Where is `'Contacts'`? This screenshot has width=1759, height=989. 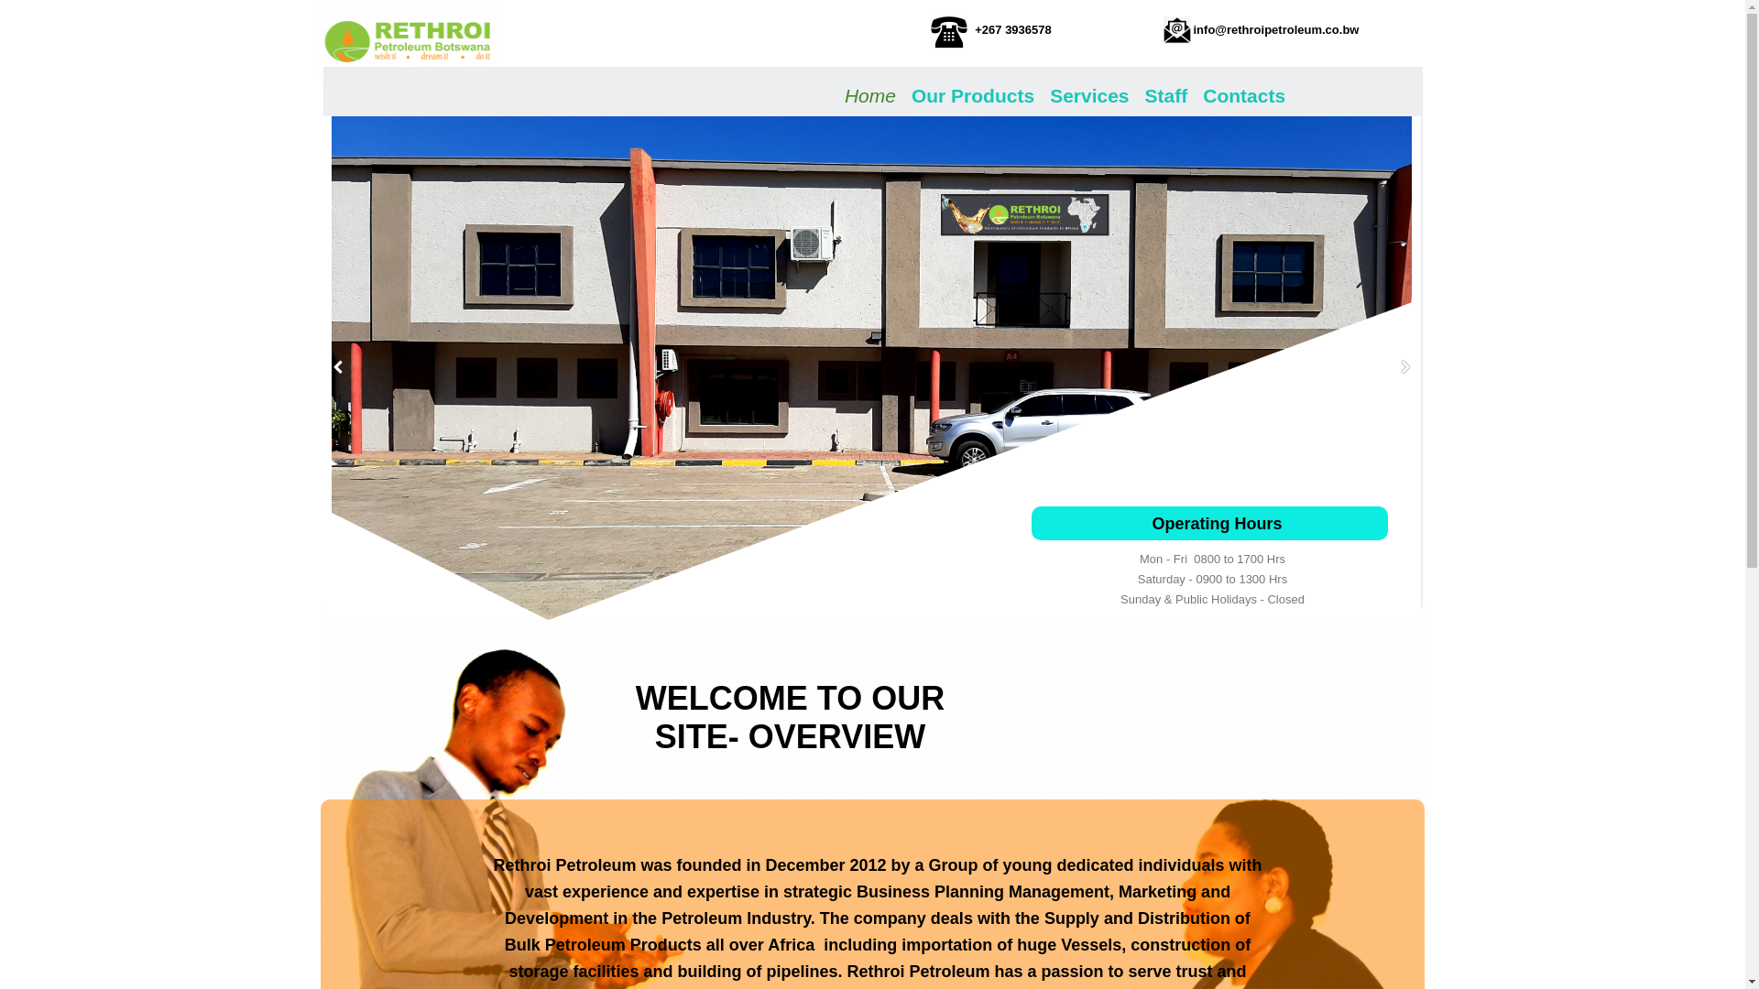
'Contacts' is located at coordinates (1244, 92).